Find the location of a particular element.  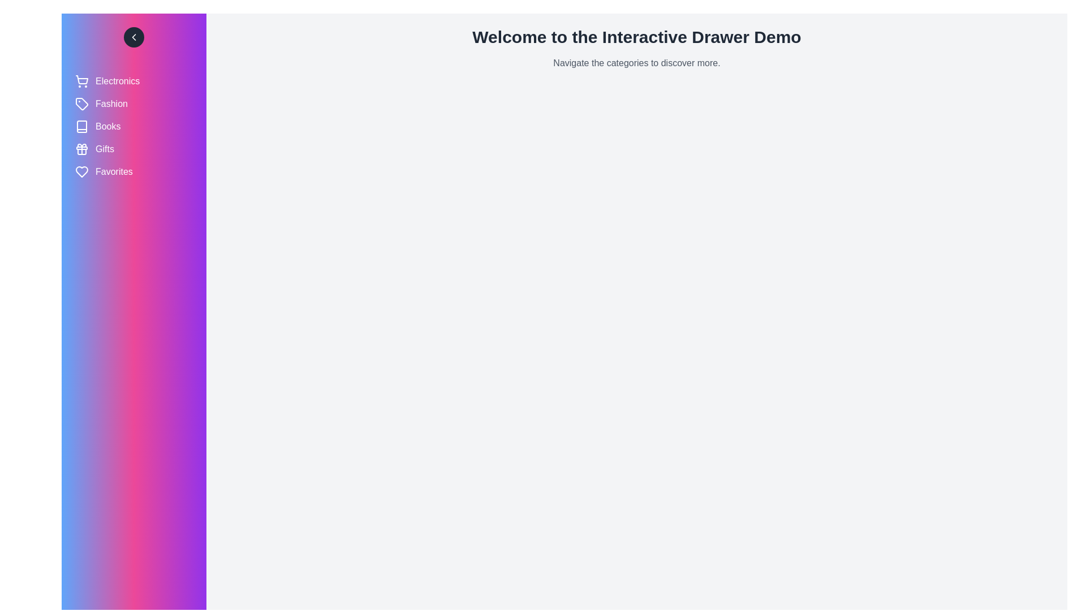

the category Books to observe its hover effect is located at coordinates (133, 126).